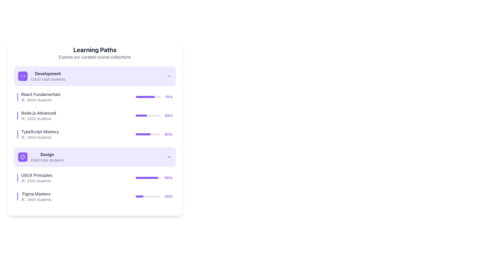 Image resolution: width=498 pixels, height=280 pixels. Describe the element at coordinates (17, 97) in the screenshot. I see `the visual indicator (decorative bar) that signifies the selection or importance of the 'React Fundamentals' course, positioned to the far left of the course entry` at that location.